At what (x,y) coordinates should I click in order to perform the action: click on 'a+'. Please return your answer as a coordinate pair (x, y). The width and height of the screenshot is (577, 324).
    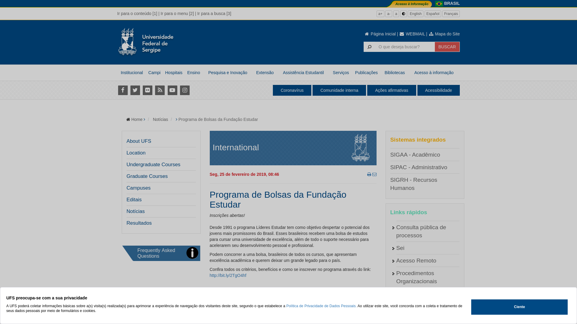
    Looking at the image, I should click on (376, 13).